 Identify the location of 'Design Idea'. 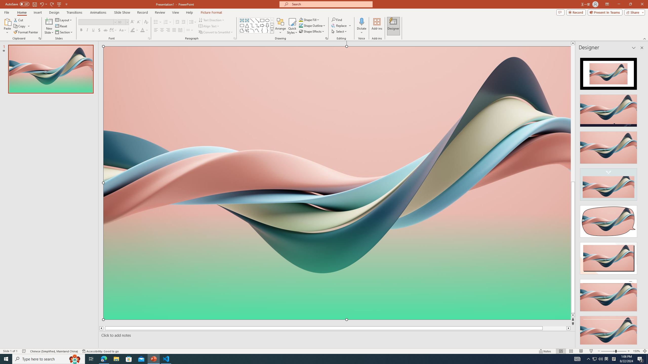
(608, 330).